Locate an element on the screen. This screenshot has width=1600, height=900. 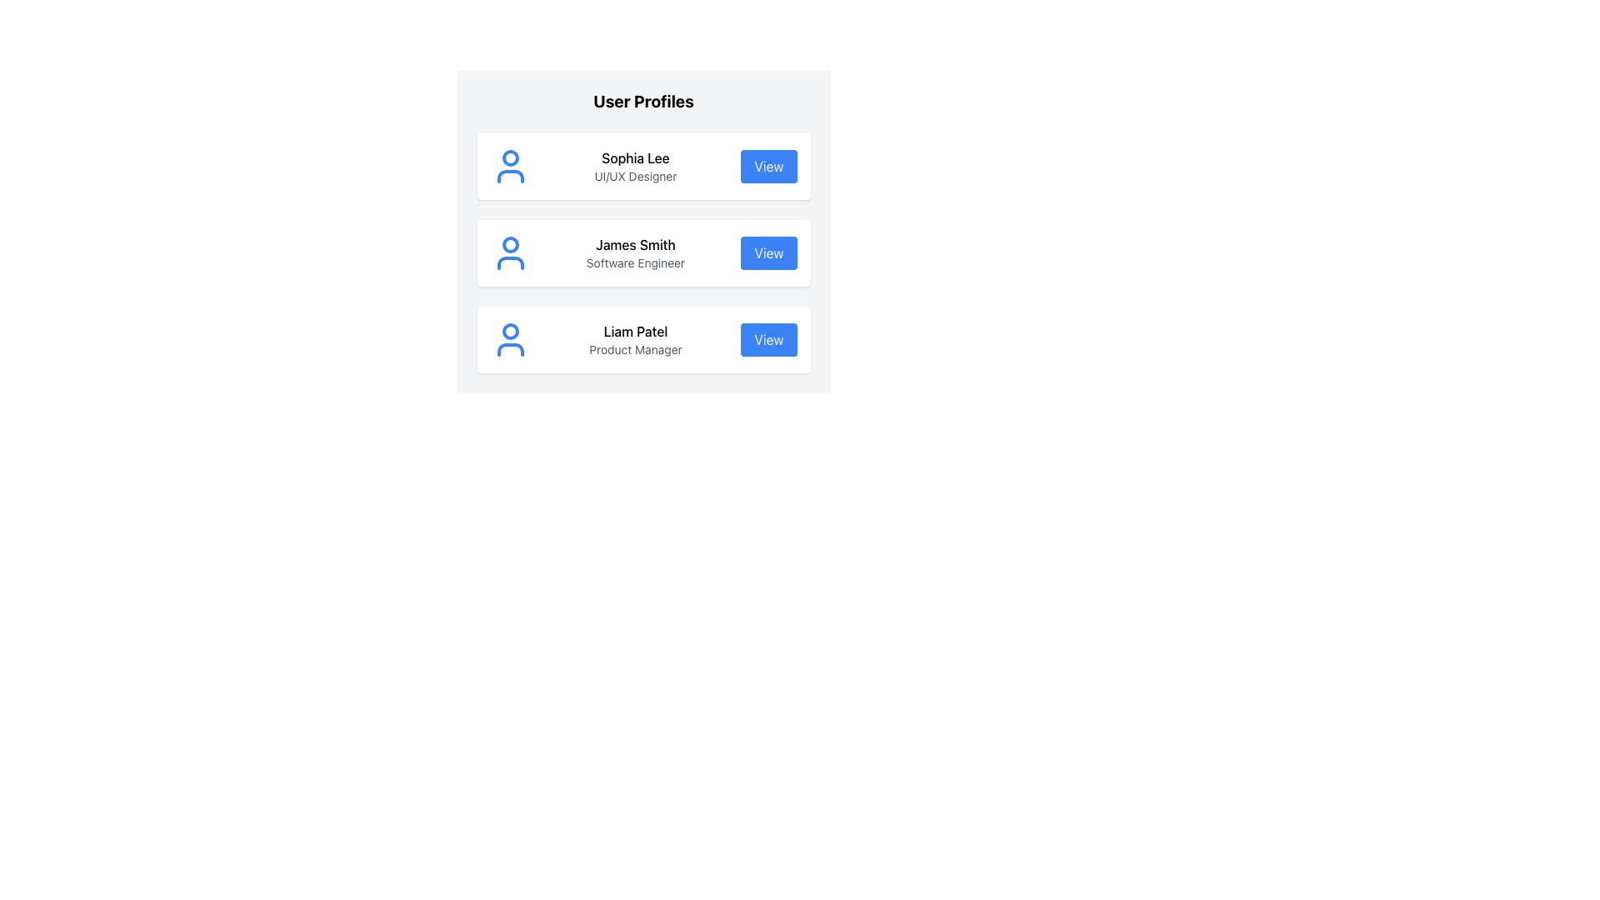
the text label displaying 'Product Manager', which is styled in gray and located directly beneath the name 'Liam Patel' in the third user profile card is located at coordinates (635, 349).